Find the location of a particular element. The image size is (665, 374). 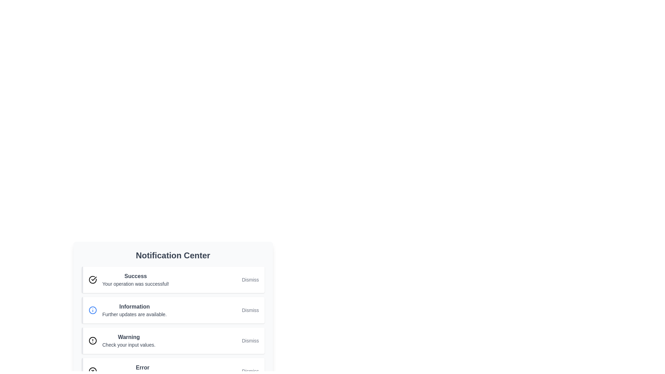

the 'Error' text label in the notification center, which is displayed in bold font style and positioned above the message 'An issue occurred during submission.' is located at coordinates (142, 367).